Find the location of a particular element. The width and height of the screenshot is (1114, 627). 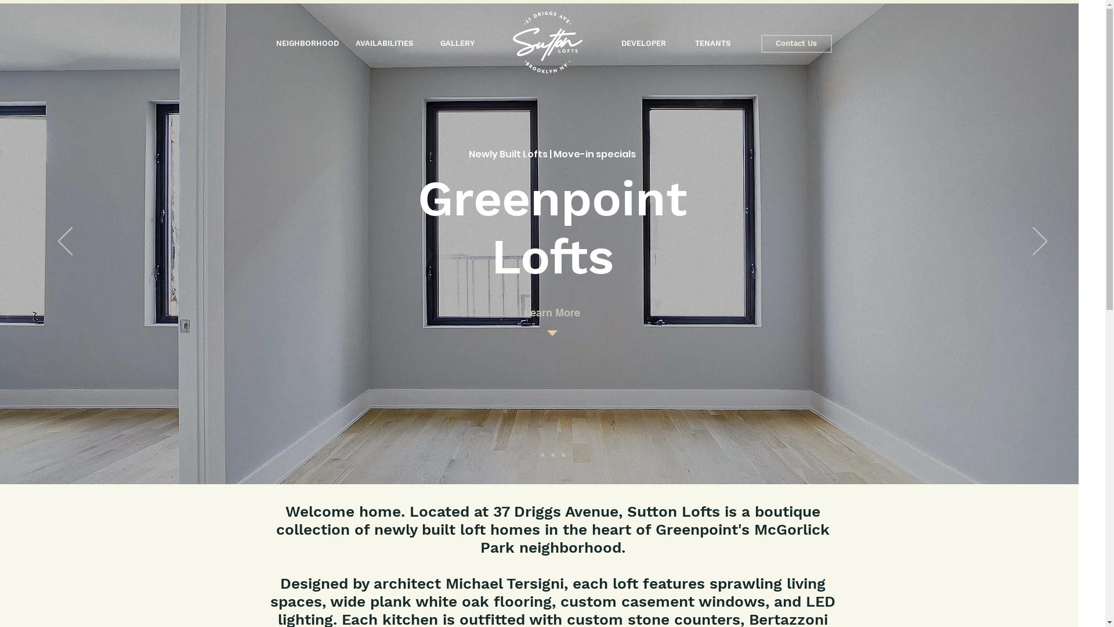

'Learn More' is located at coordinates (551, 312).